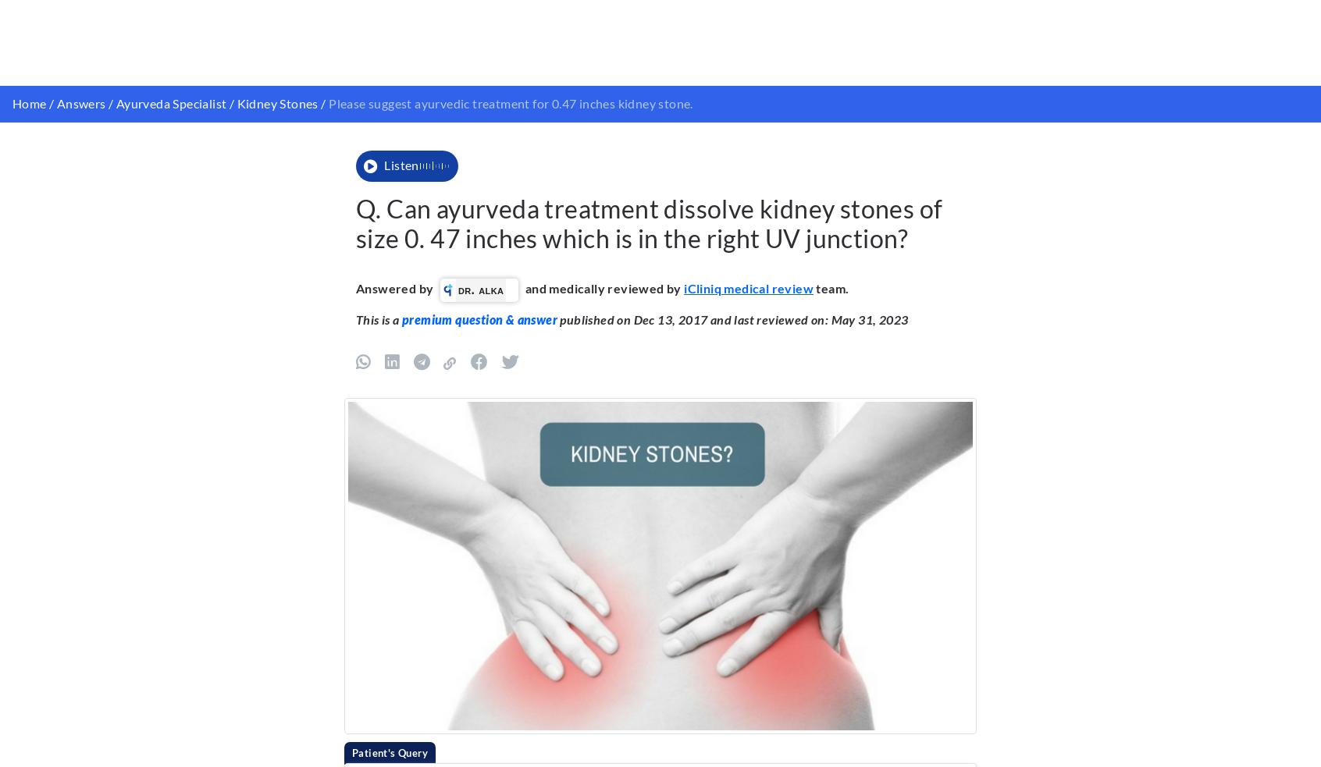  I want to click on 'to know how we create content for health articles and queries.', so click(602, 606).